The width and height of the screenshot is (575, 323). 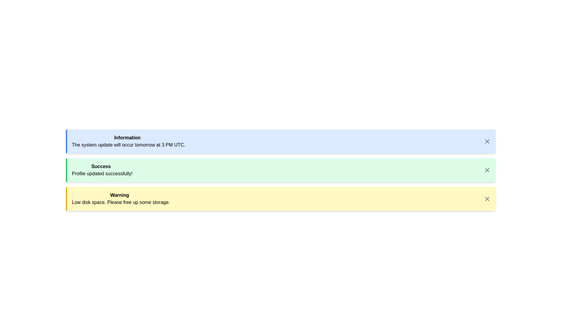 What do you see at coordinates (280, 199) in the screenshot?
I see `the warning in the yellow notification box titled 'Warning' that indicates low disk space` at bounding box center [280, 199].